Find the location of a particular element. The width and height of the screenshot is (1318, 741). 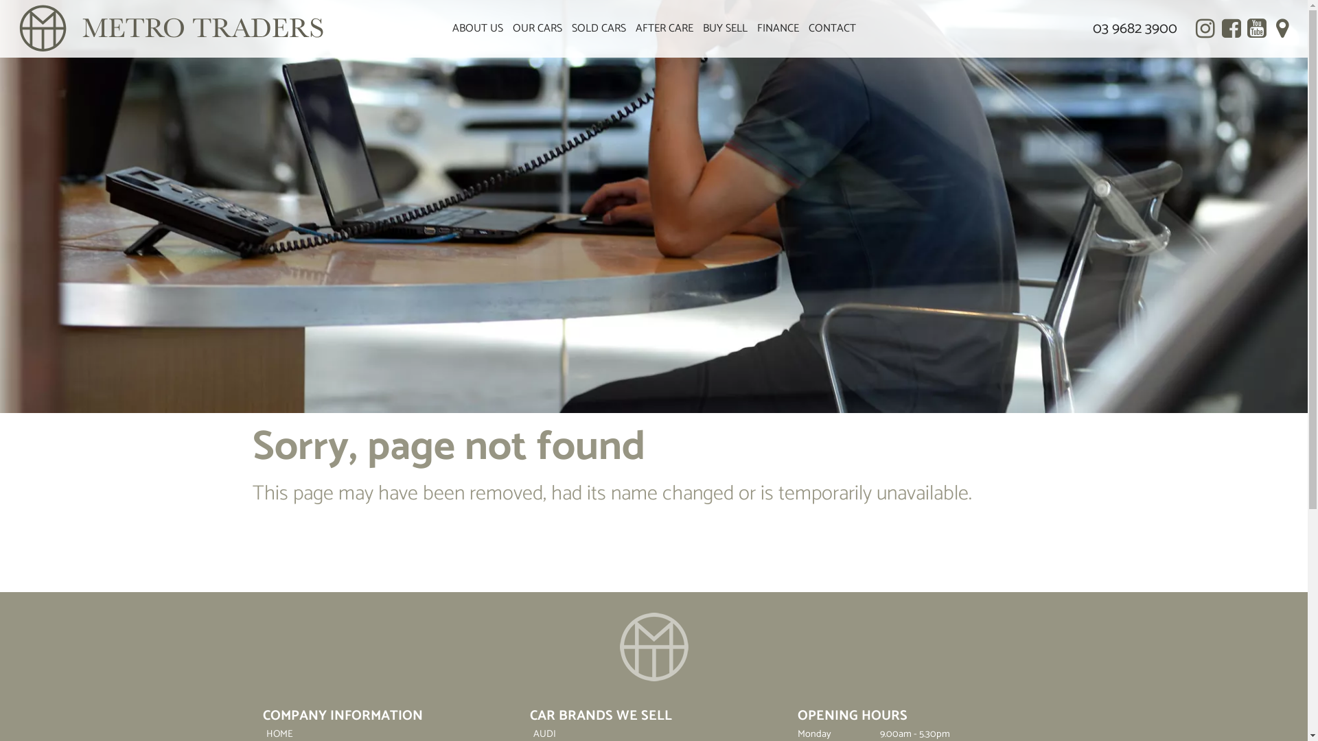

'OUR CARS' is located at coordinates (536, 29).